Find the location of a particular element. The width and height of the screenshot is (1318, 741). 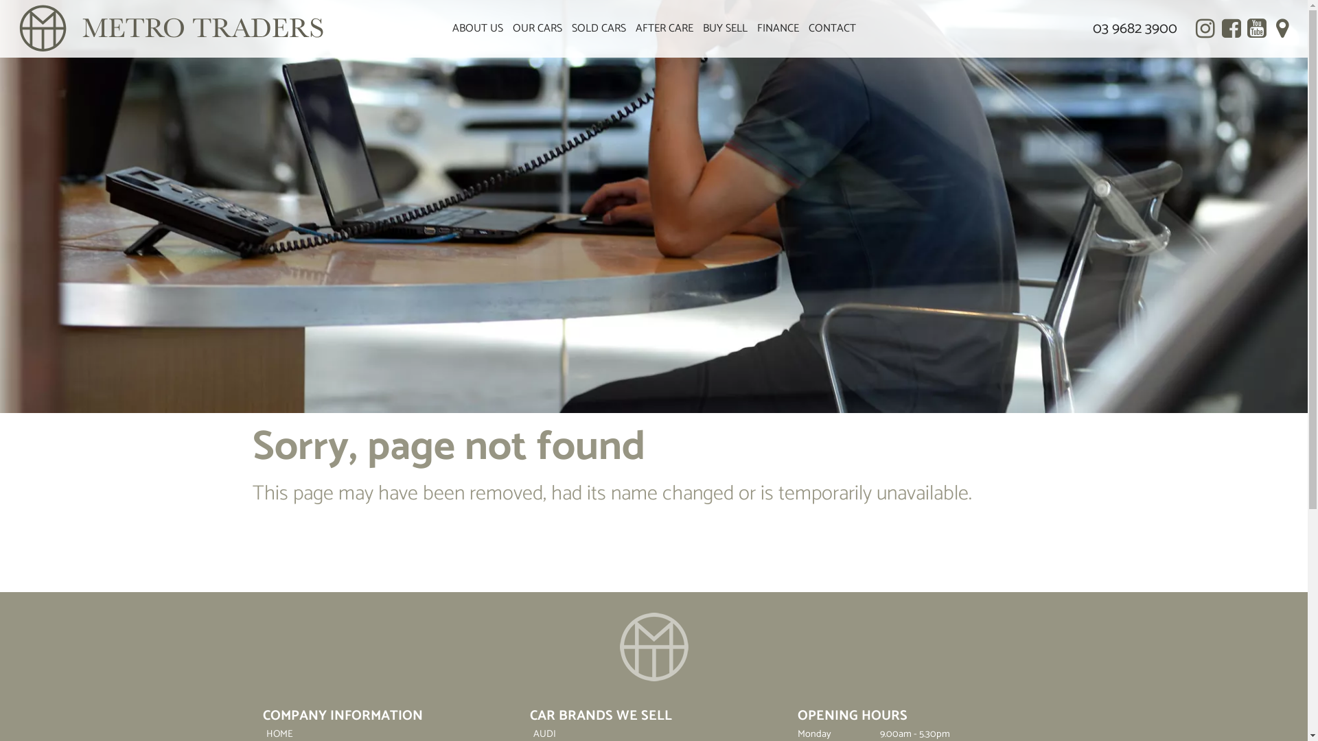

'OUR CARS' is located at coordinates (536, 29).